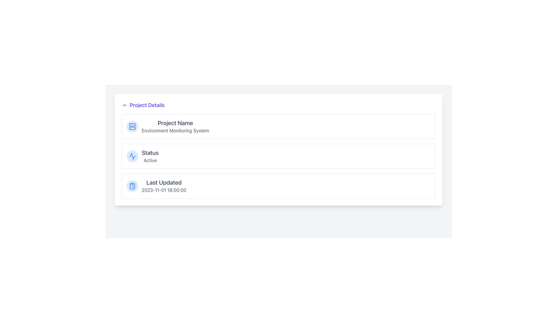 This screenshot has height=315, width=560. Describe the element at coordinates (175, 123) in the screenshot. I see `static text label that identifies the category of information as 'Project Details' in the upper left section of the interface, specifically the header above 'Environment Monitoring System'` at that location.